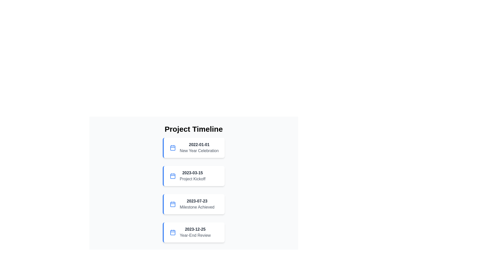  I want to click on the first Event Card in the vertical timeline that has a white background, a blue left border, and displays '2022-01-01' and 'New Year Celebration' text, so click(193, 147).